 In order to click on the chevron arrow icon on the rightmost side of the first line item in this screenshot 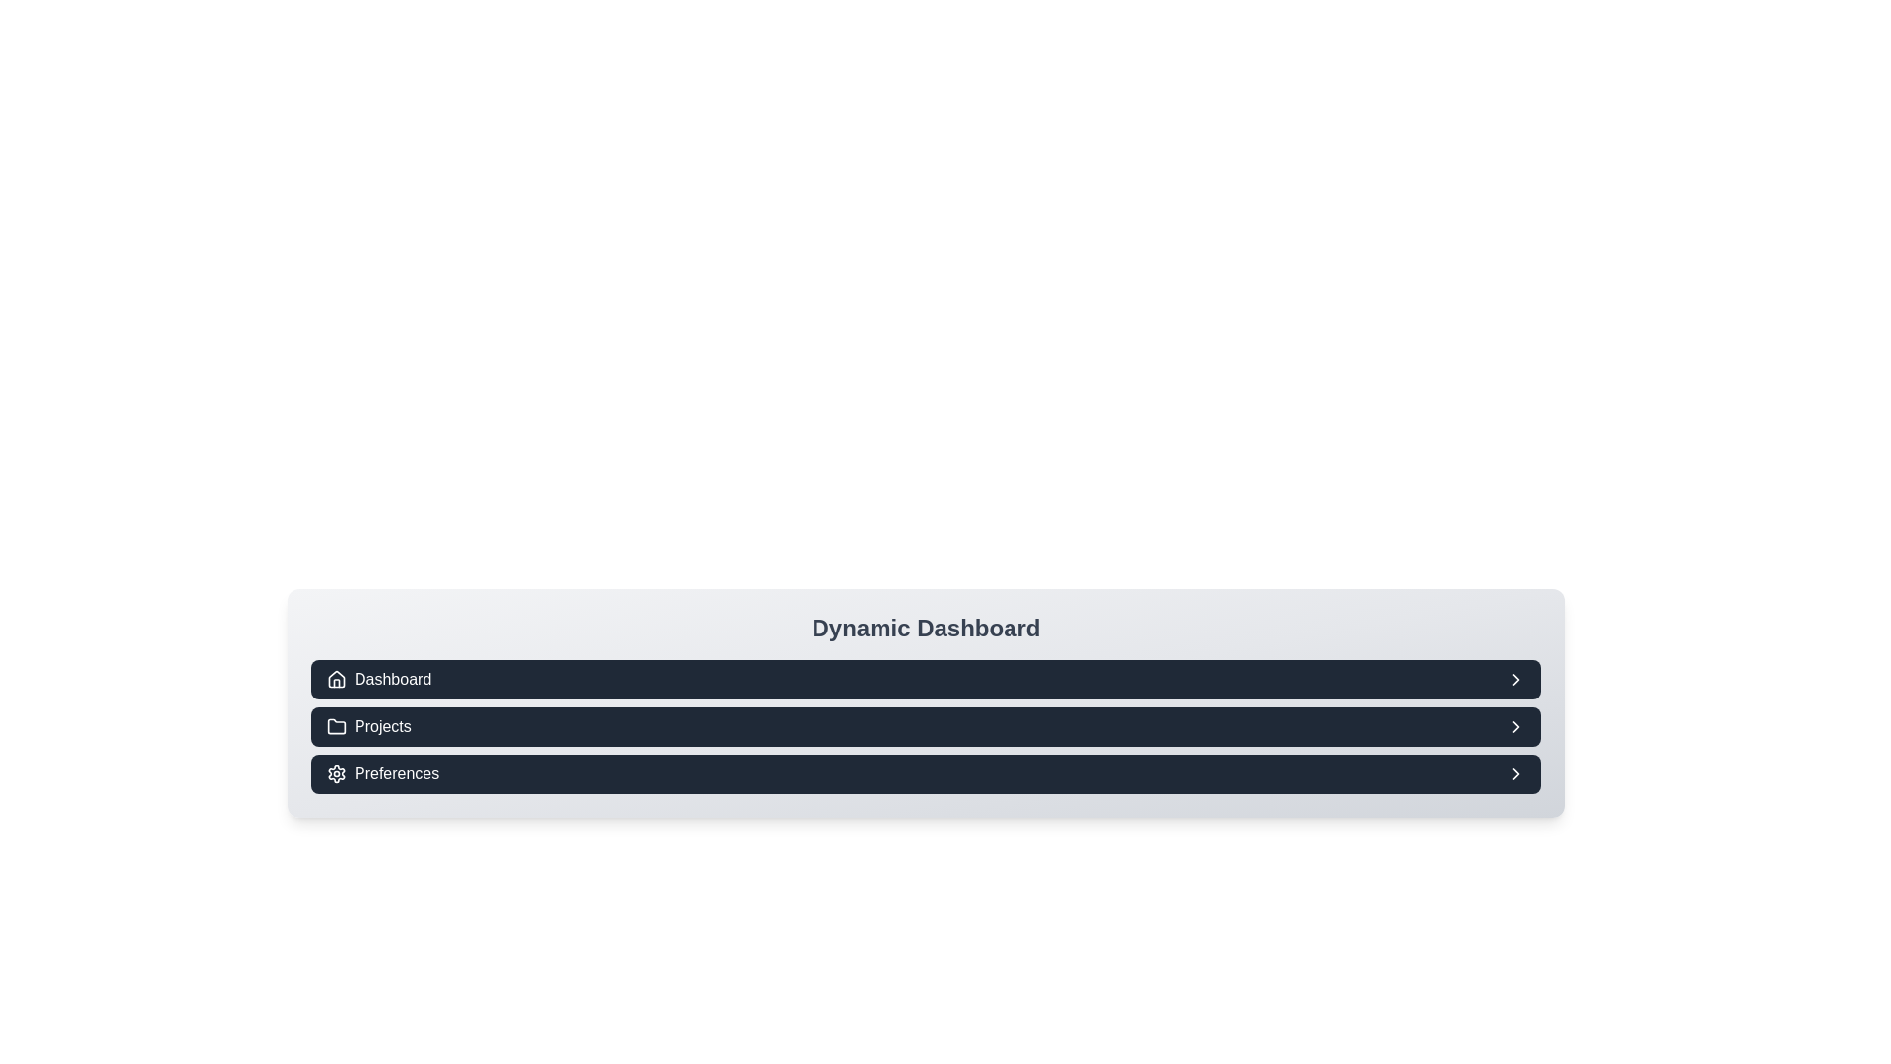, I will do `click(1515, 679)`.